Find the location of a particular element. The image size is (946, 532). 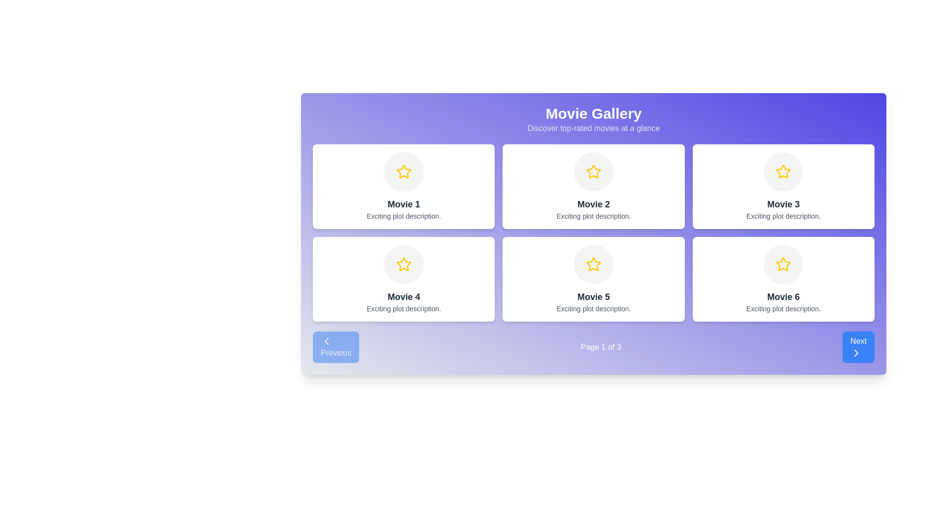

the text label located below the 'Movie 5' title, which is the fifth item in a 3x2 grid layout is located at coordinates (593, 308).